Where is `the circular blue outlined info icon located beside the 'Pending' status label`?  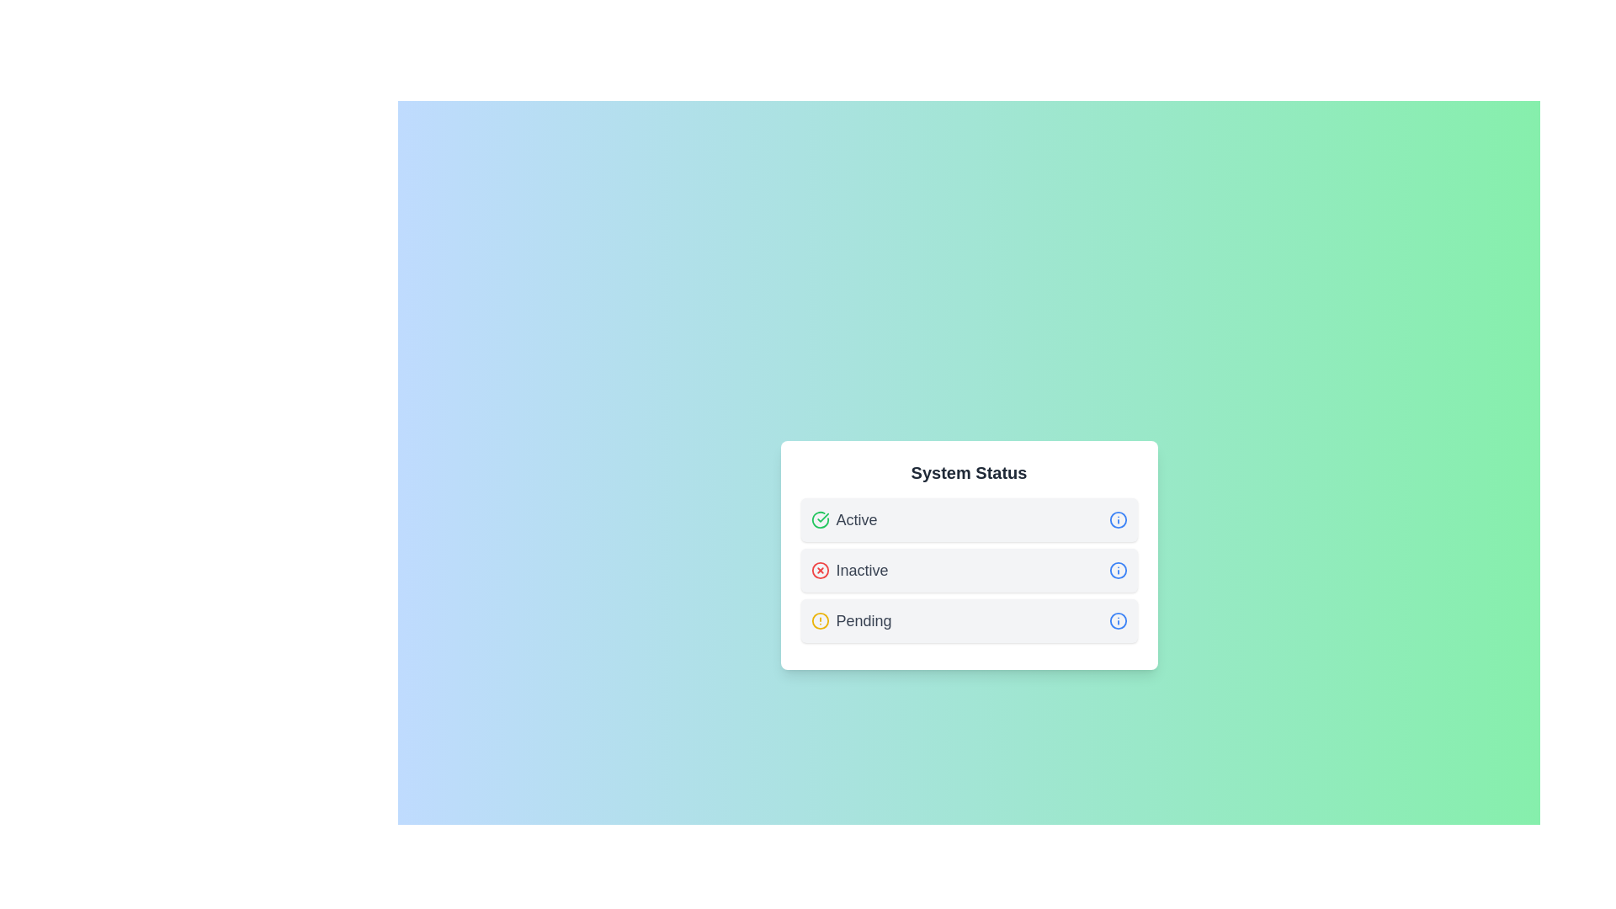
the circular blue outlined info icon located beside the 'Pending' status label is located at coordinates (1118, 620).